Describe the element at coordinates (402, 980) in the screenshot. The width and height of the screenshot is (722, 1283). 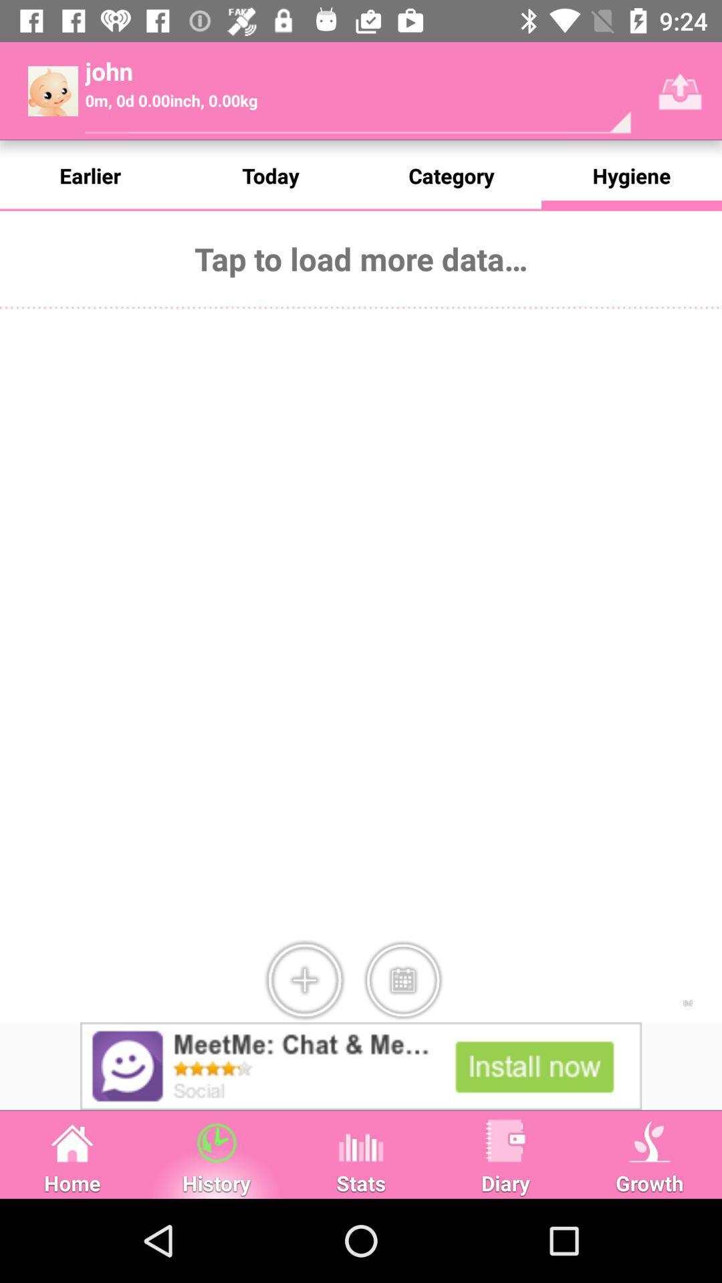
I see `the date_range icon` at that location.